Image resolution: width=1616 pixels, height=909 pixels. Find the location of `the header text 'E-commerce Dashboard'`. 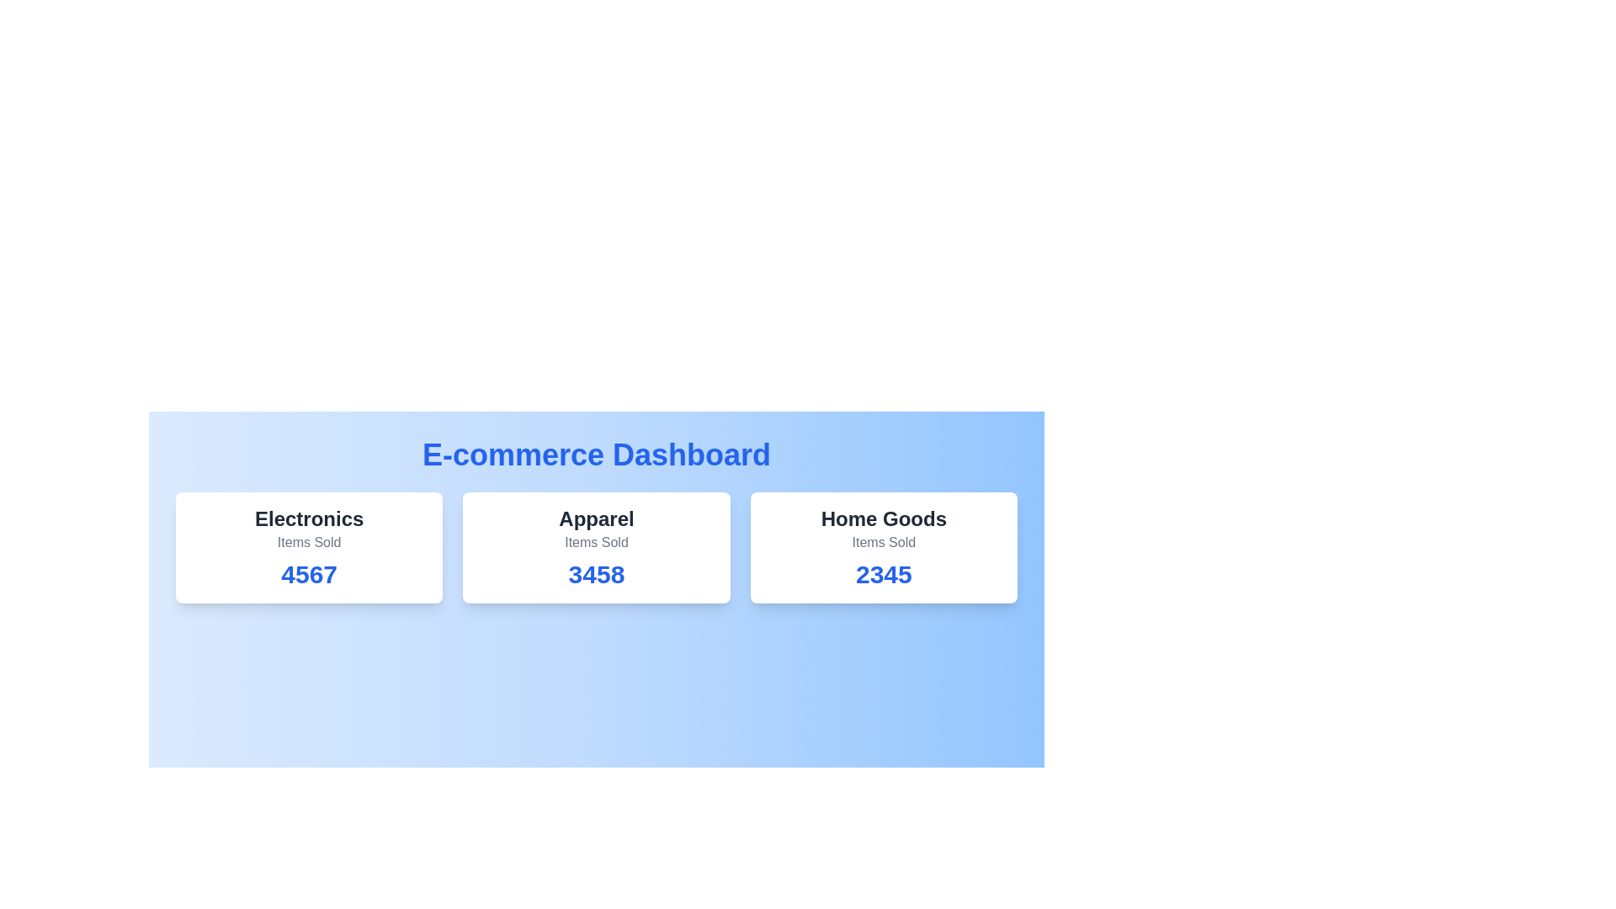

the header text 'E-commerce Dashboard' is located at coordinates (597, 454).